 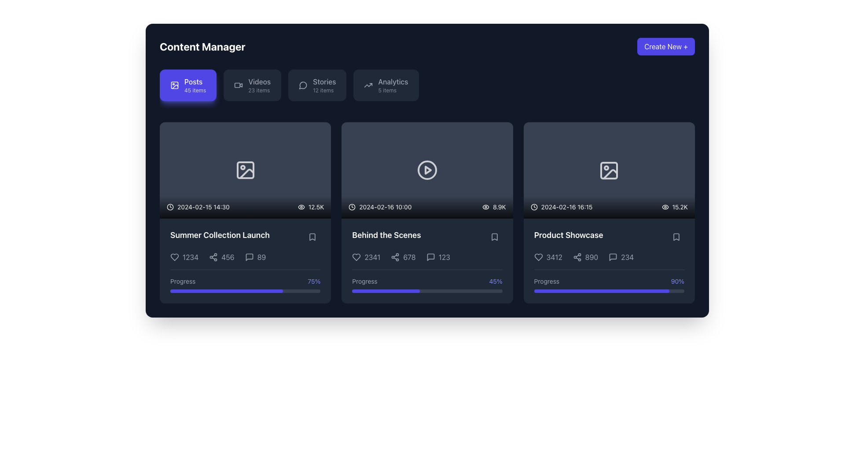 What do you see at coordinates (608, 170) in the screenshot?
I see `the graphical component located in the upper right section of the image icon of the last card titled 'Product Showcase' to interact with it` at bounding box center [608, 170].